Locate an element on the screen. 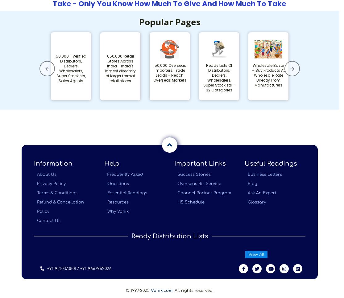 Image resolution: width=344 pixels, height=298 pixels. '© 1997-2023' is located at coordinates (138, 290).